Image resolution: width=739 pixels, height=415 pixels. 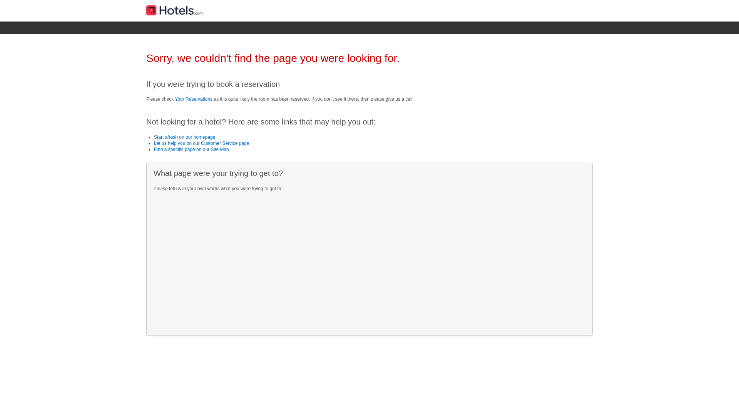 I want to click on 'Find a specific page on our Site Map', so click(x=191, y=149).